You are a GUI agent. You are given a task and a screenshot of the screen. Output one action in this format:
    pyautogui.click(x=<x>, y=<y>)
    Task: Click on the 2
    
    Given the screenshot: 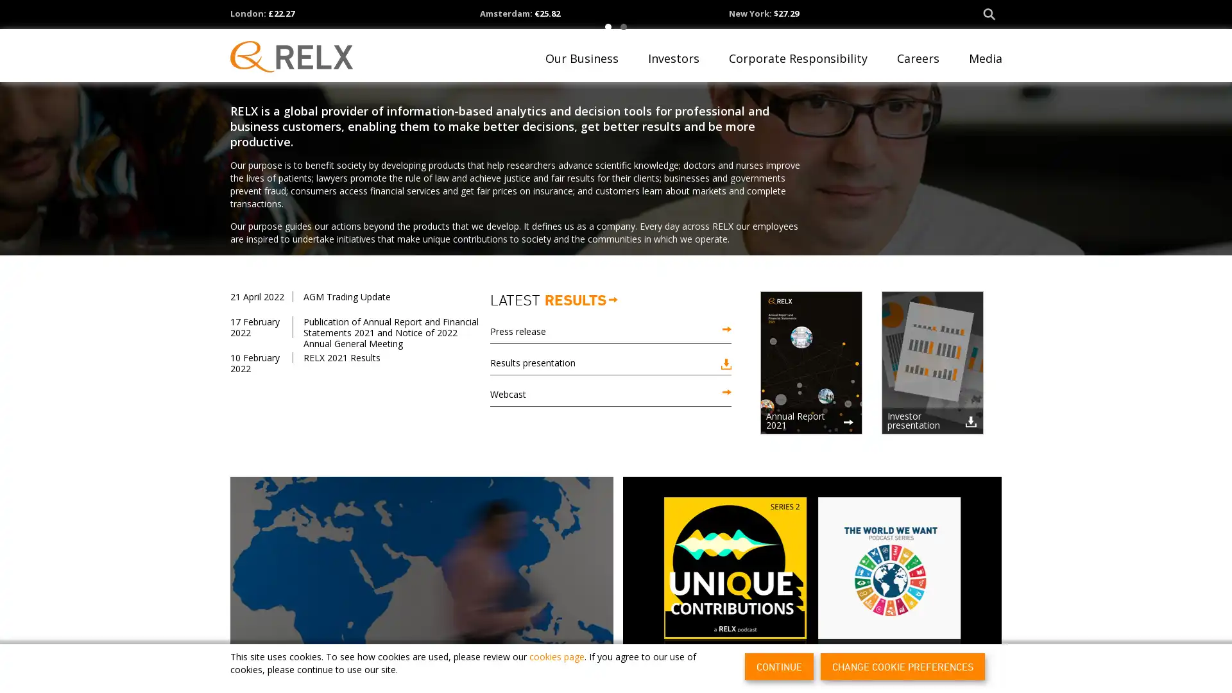 What is the action you would take?
    pyautogui.click(x=624, y=27)
    